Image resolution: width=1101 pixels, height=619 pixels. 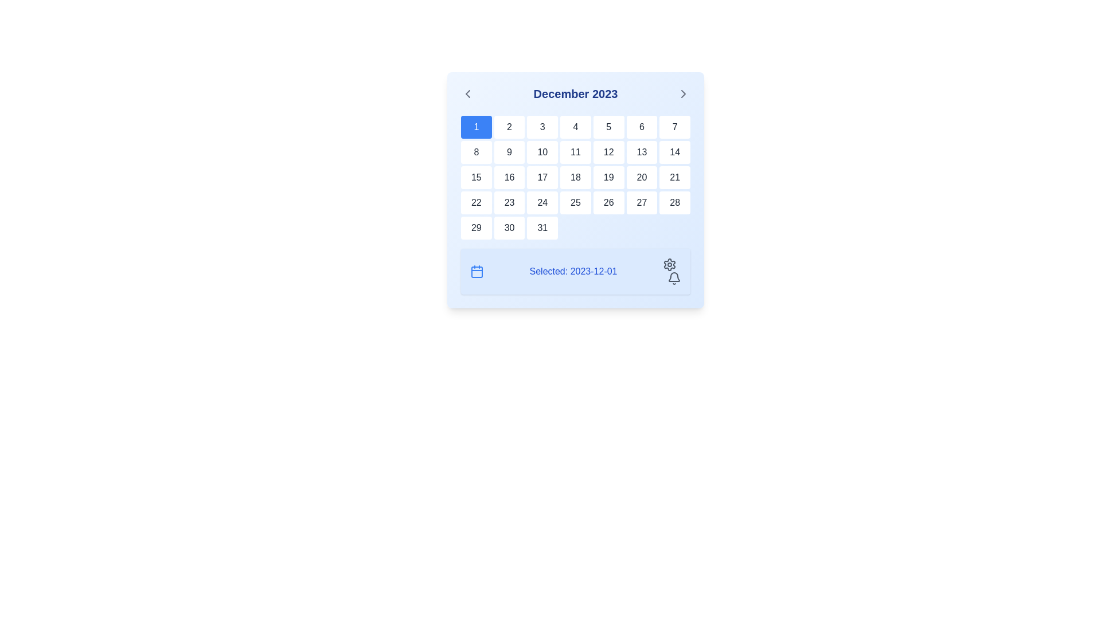 I want to click on the button representing the 18th day of the month in the calendar interface, so click(x=575, y=177).